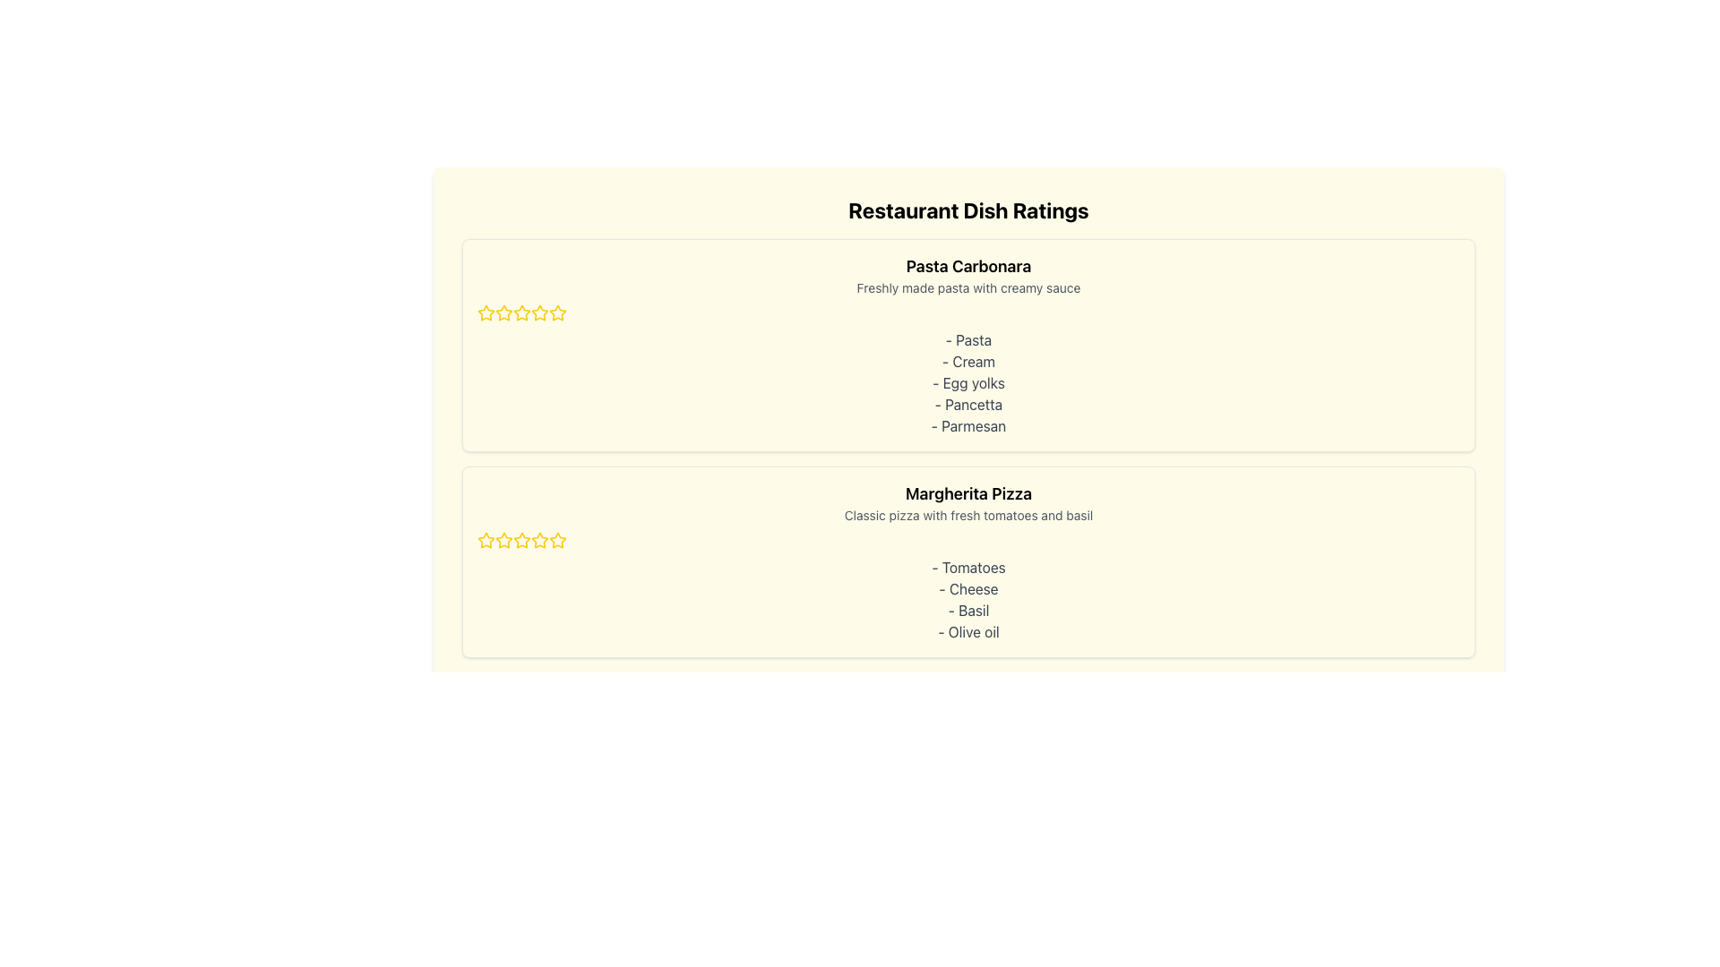  I want to click on the third yellow star icon in the rating system below the 'Margherita Pizza' text, so click(503, 540).